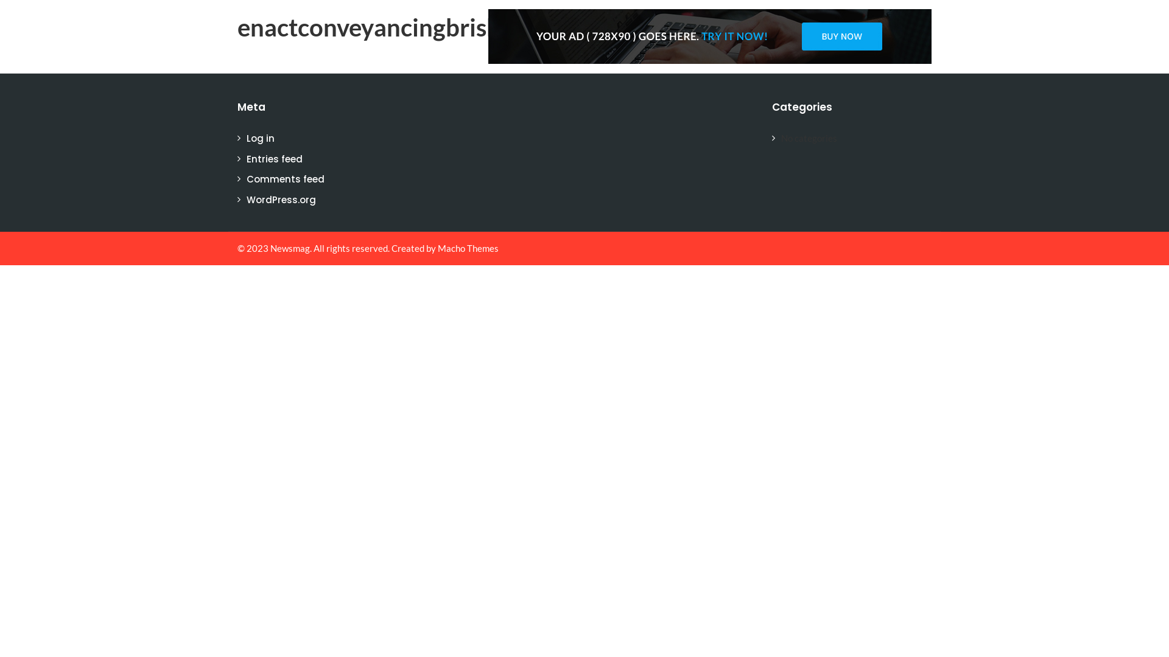  What do you see at coordinates (280, 199) in the screenshot?
I see `'WordPress.org'` at bounding box center [280, 199].